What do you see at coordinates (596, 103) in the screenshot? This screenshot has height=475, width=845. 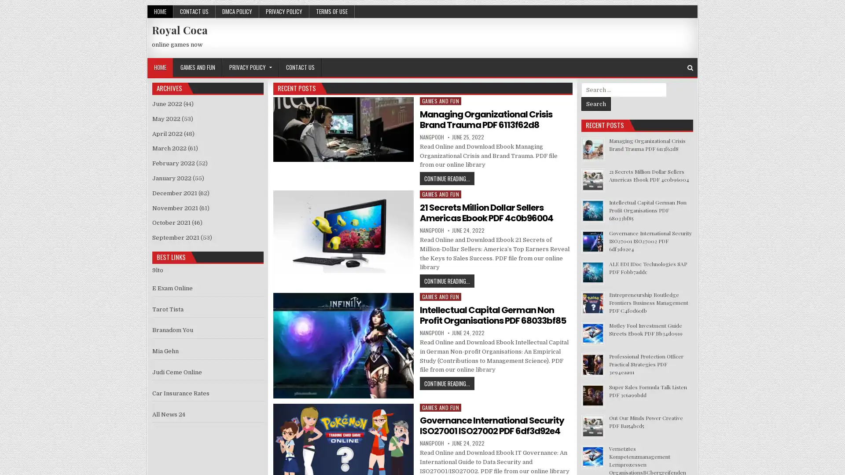 I see `Search` at bounding box center [596, 103].